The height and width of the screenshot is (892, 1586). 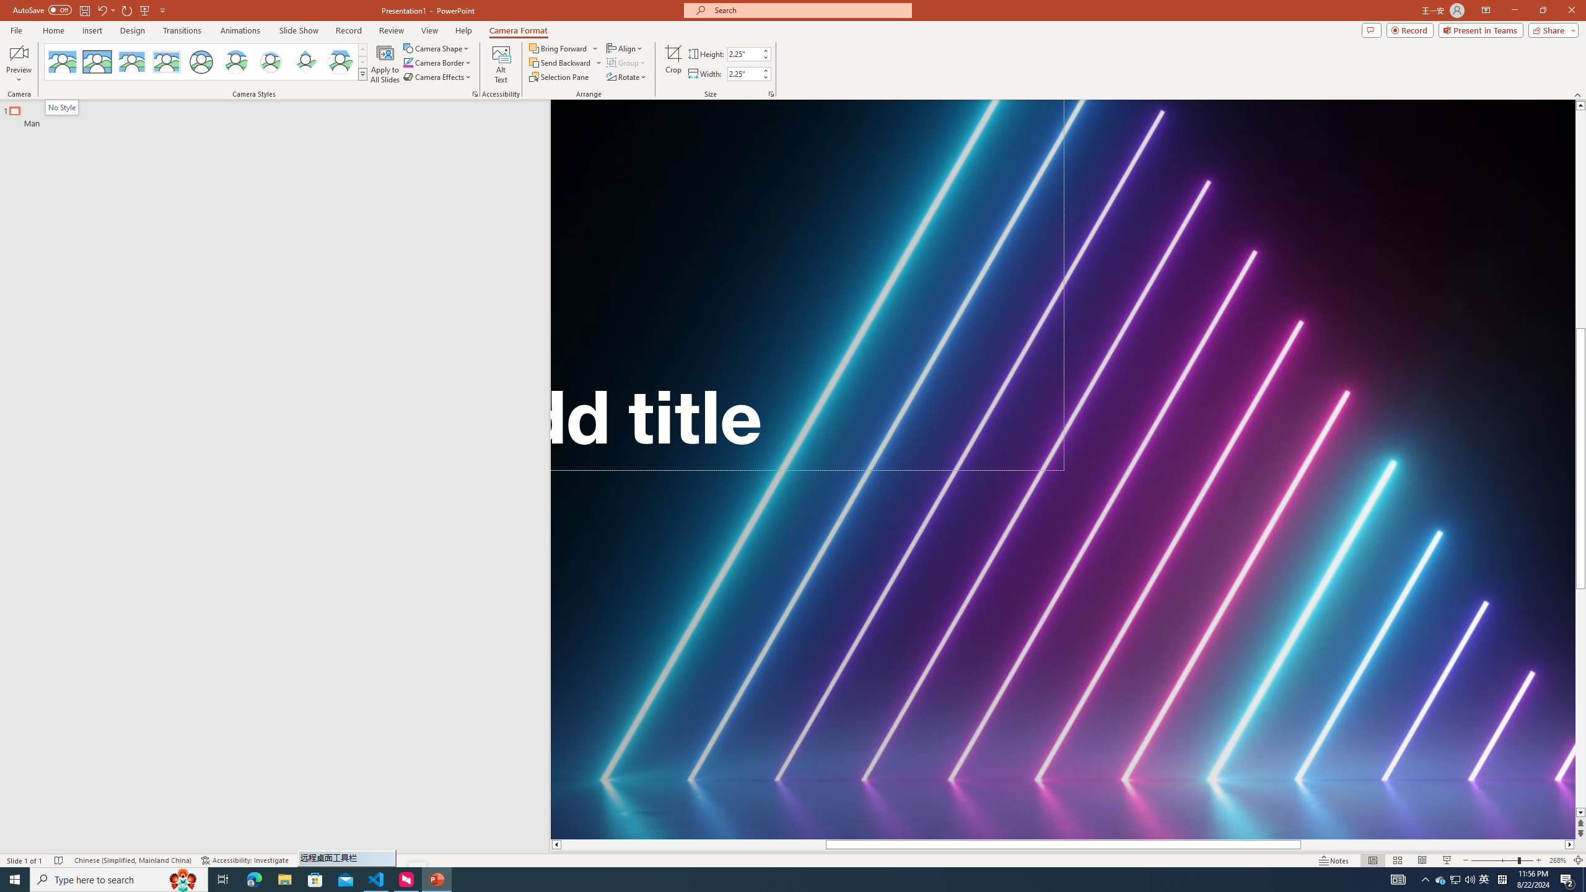 What do you see at coordinates (305, 61) in the screenshot?
I see `'Center Shadow Diamond'` at bounding box center [305, 61].